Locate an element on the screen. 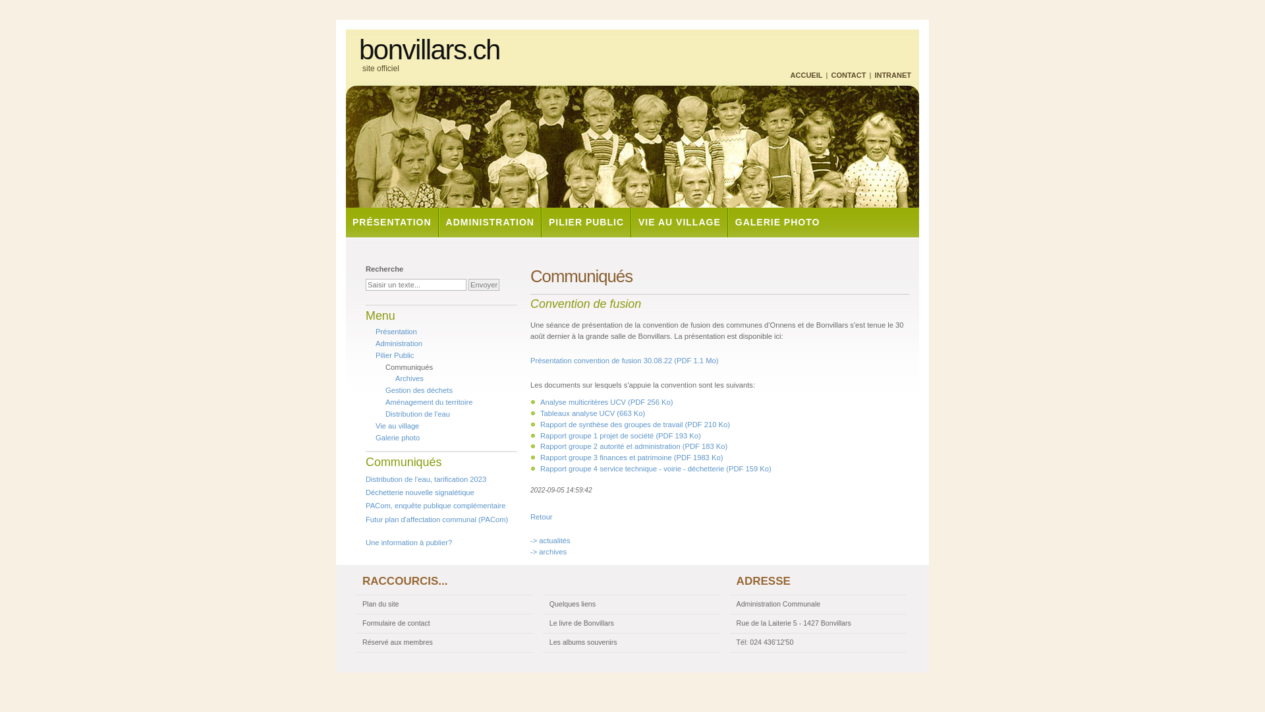 The image size is (1265, 712). 'ACCUEIL' is located at coordinates (806, 75).